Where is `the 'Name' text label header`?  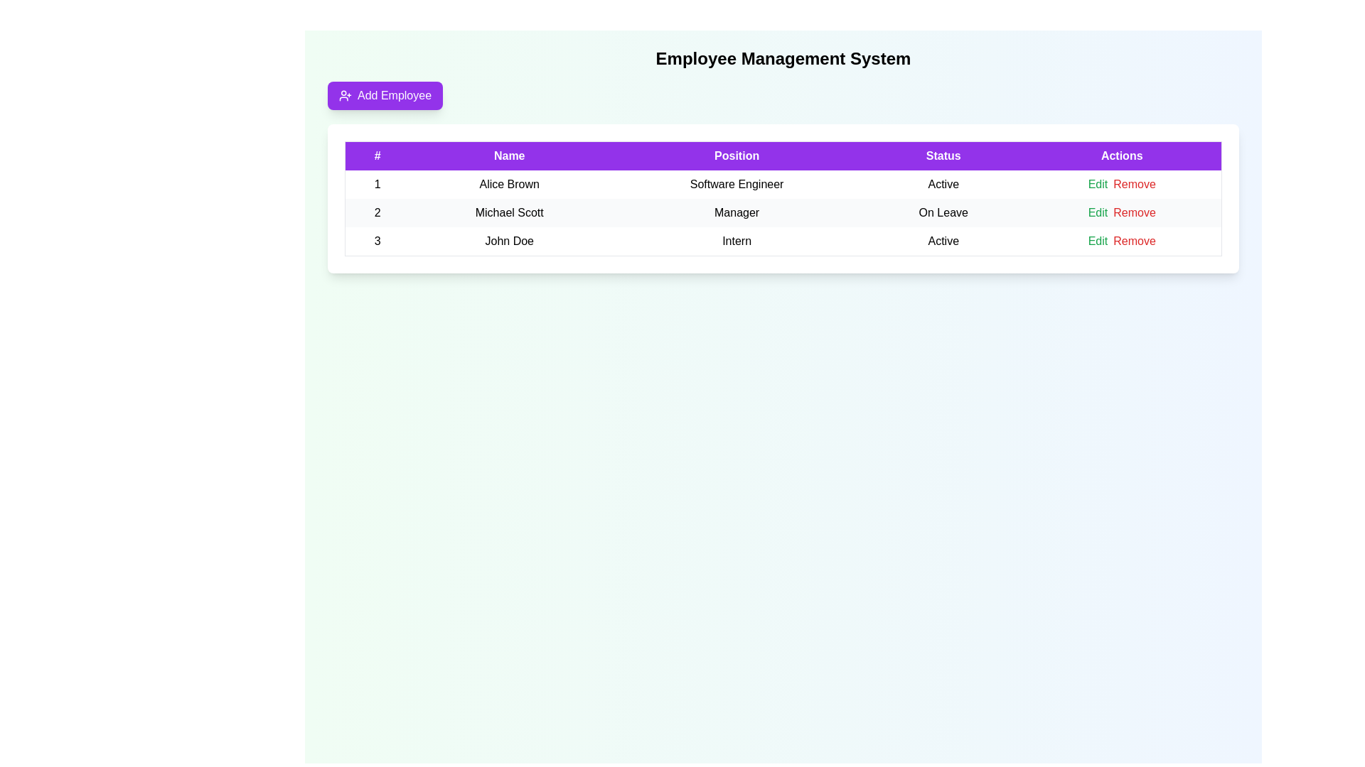 the 'Name' text label header is located at coordinates (509, 156).